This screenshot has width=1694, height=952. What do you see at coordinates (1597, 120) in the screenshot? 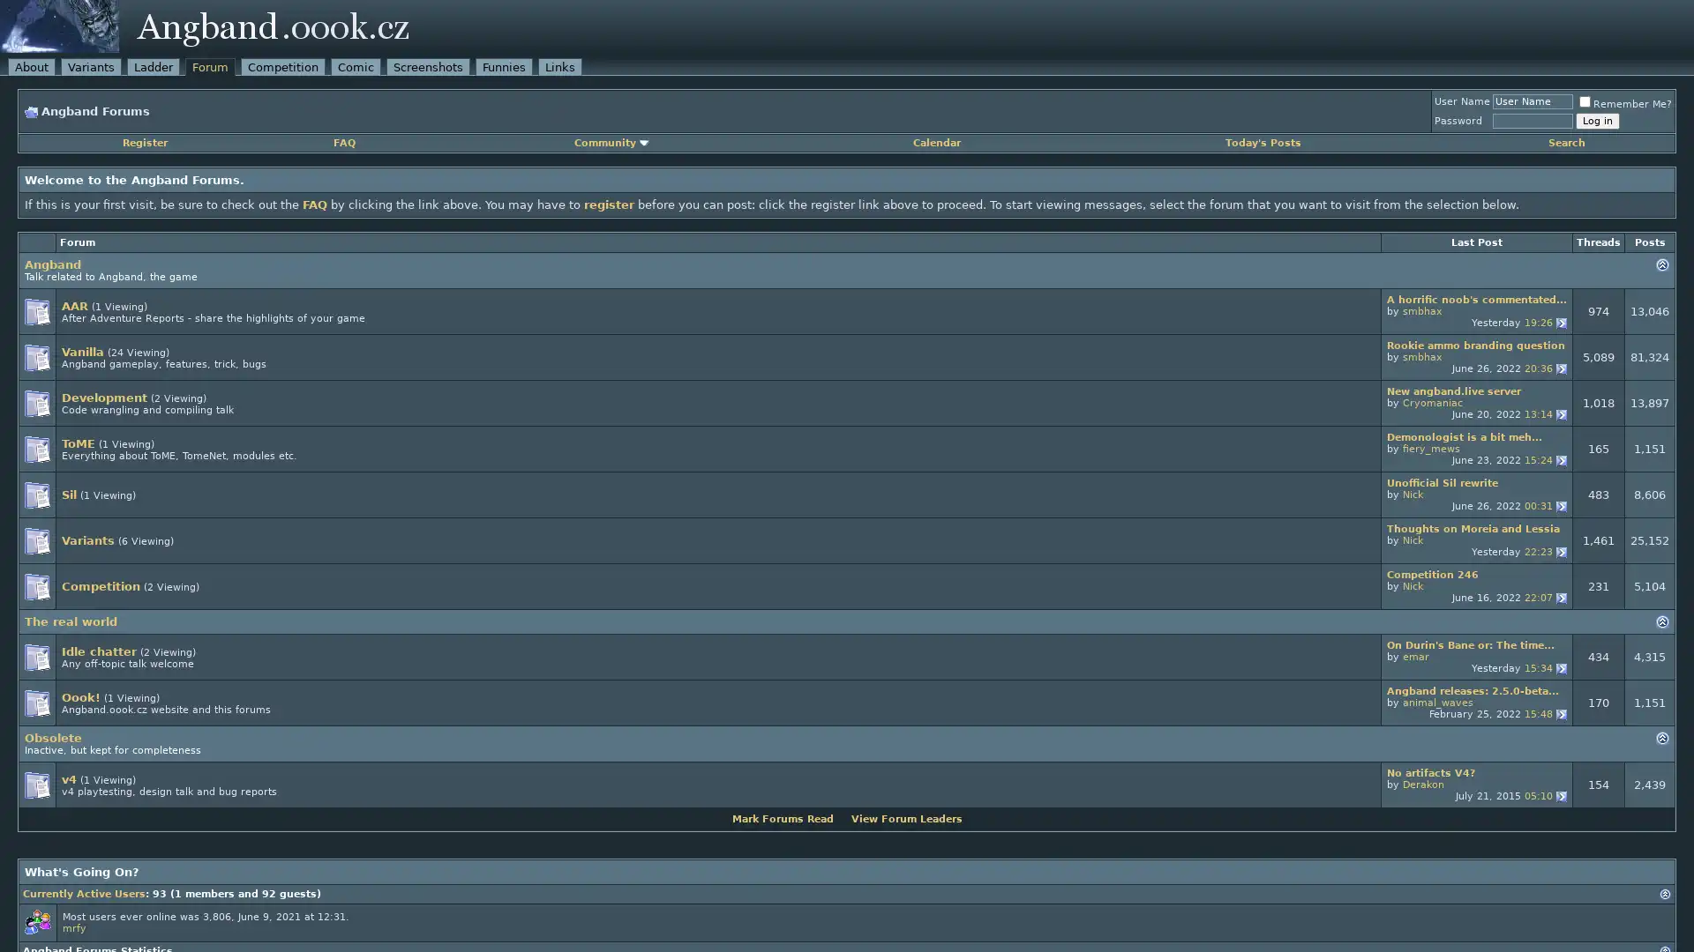
I see `Log in` at bounding box center [1597, 120].